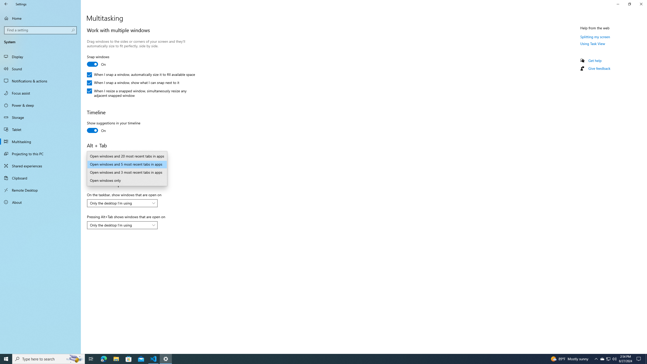 The image size is (647, 364). What do you see at coordinates (6, 358) in the screenshot?
I see `'Start'` at bounding box center [6, 358].